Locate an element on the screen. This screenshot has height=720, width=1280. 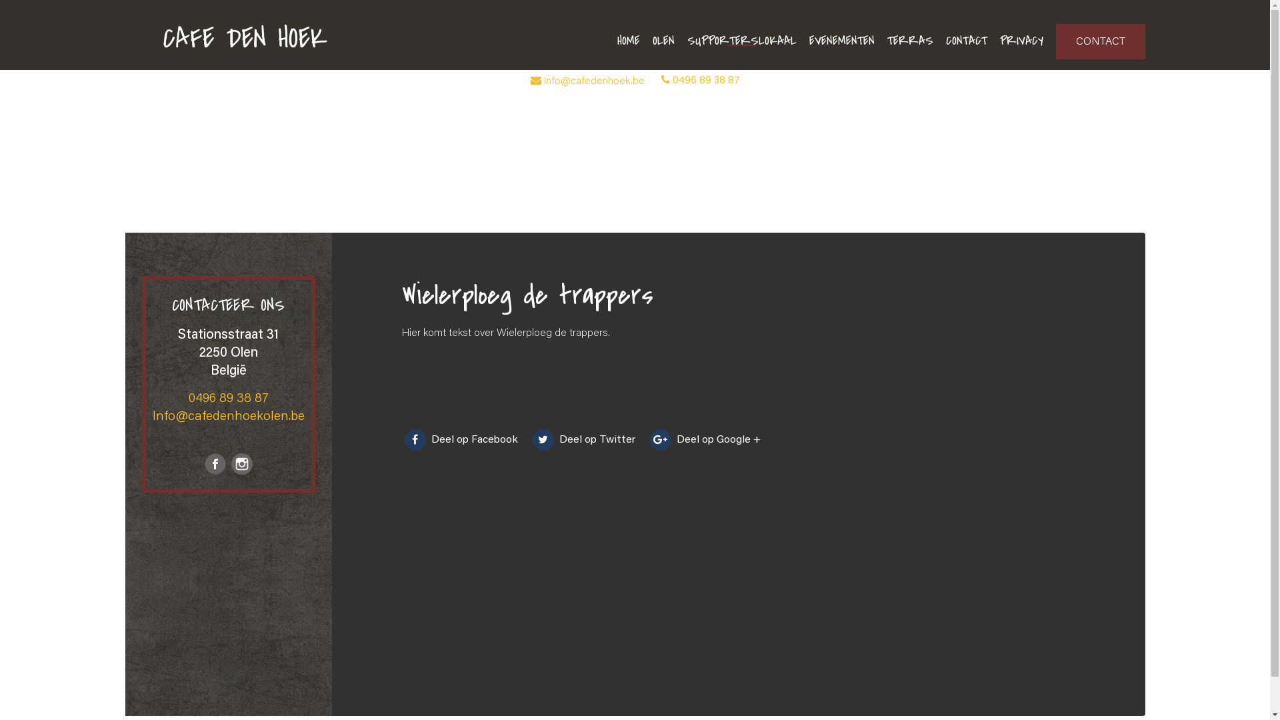
'SUPPORTERSLOKAAL' is located at coordinates (741, 40).